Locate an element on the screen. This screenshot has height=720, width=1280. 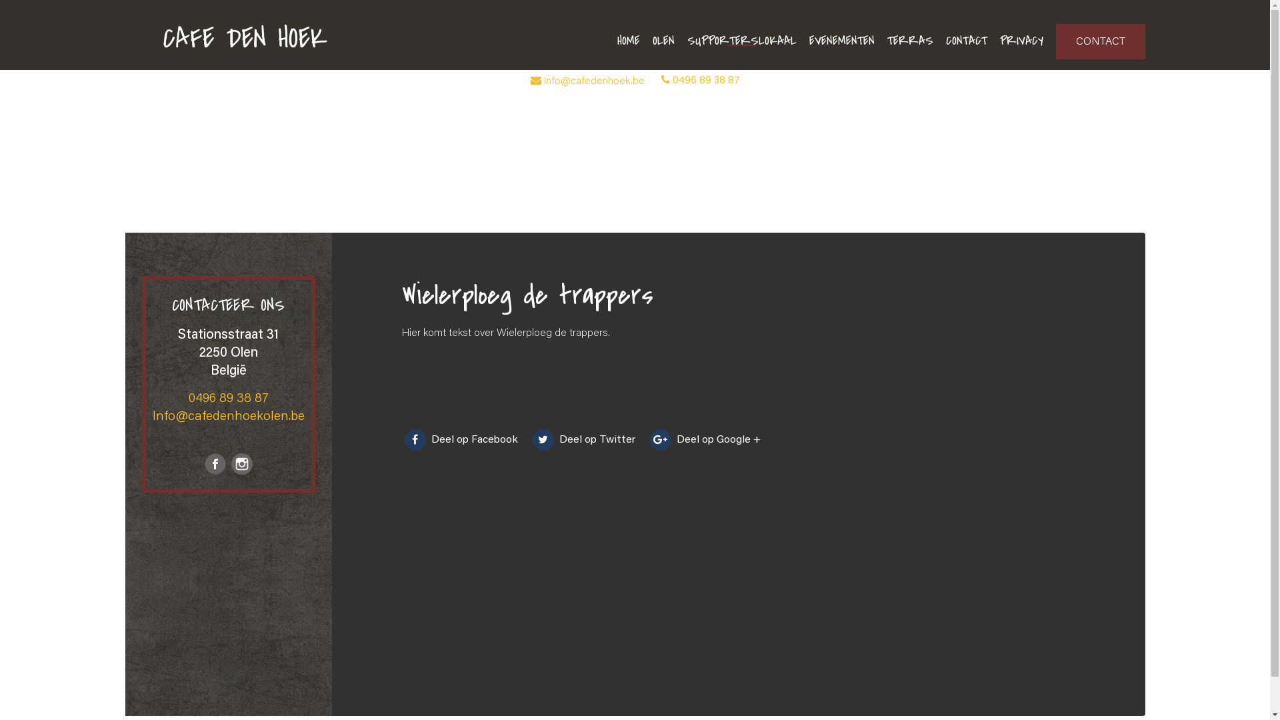
'SUPPORTERSLOKAAL' is located at coordinates (741, 40).